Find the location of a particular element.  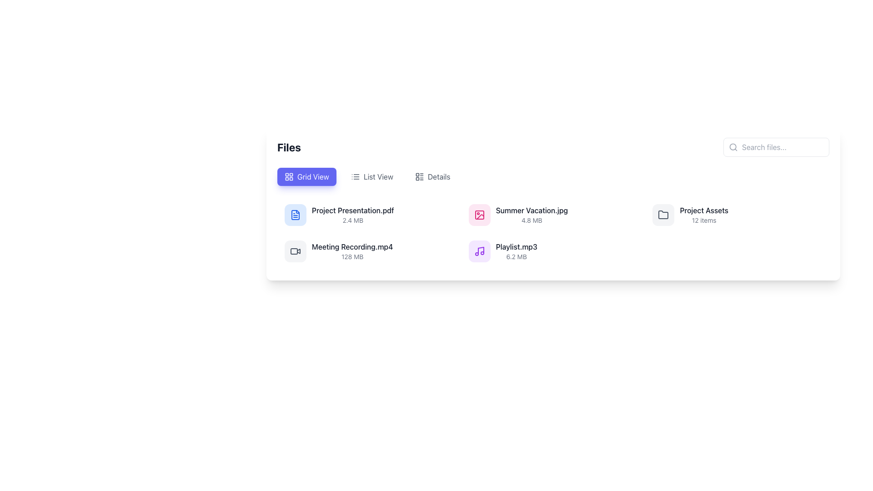

the file item displaying 'Project Presentation.pdf' is located at coordinates (352, 215).